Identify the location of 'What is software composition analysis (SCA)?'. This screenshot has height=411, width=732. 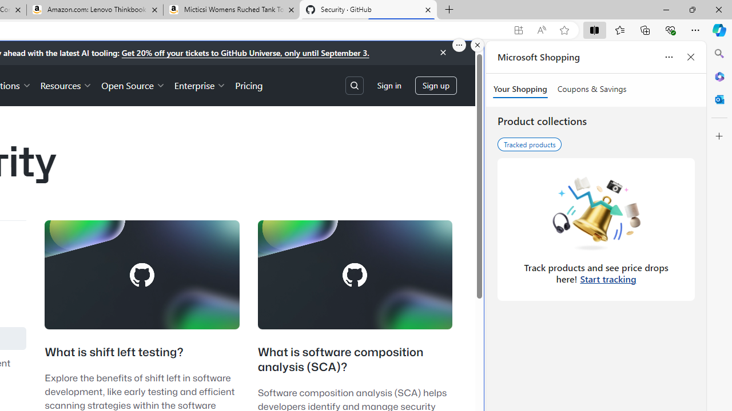
(340, 360).